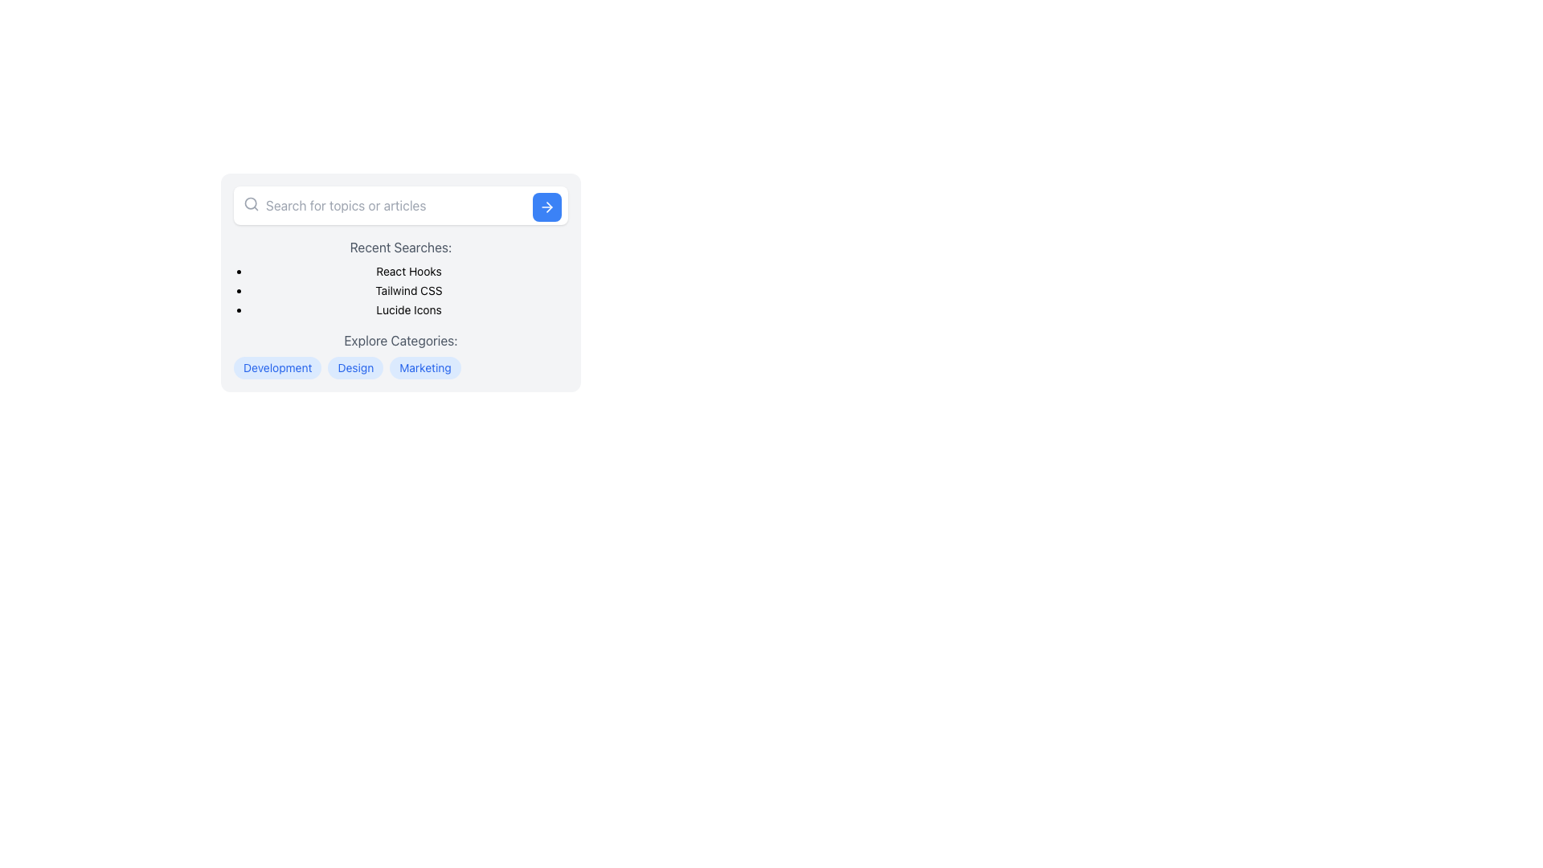  What do you see at coordinates (549, 207) in the screenshot?
I see `the SVG Arrow icon located at the right-hand side of the search input bar` at bounding box center [549, 207].